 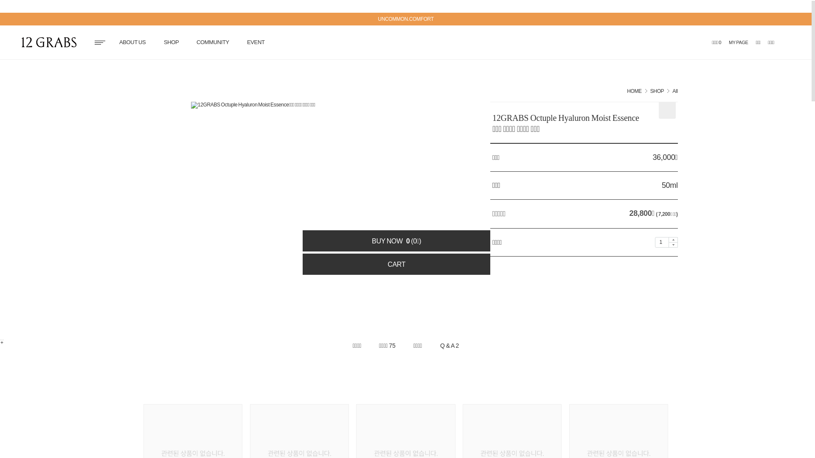 I want to click on 'COMMUNITY', so click(x=213, y=42).